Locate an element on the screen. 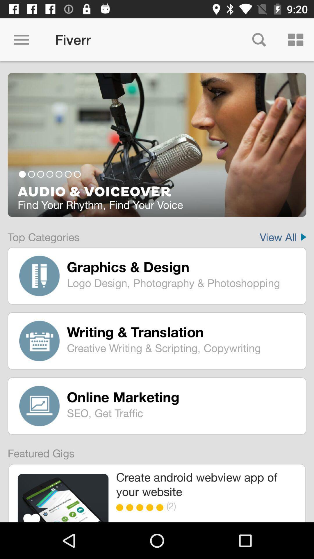 This screenshot has height=559, width=314. the item below create android webview icon is located at coordinates (161, 507).